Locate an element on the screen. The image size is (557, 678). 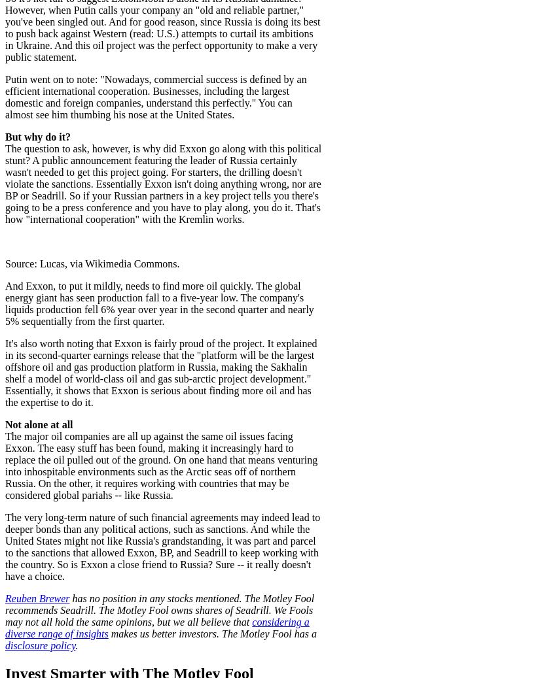
'considering a diverse range of insights' is located at coordinates (156, 627).